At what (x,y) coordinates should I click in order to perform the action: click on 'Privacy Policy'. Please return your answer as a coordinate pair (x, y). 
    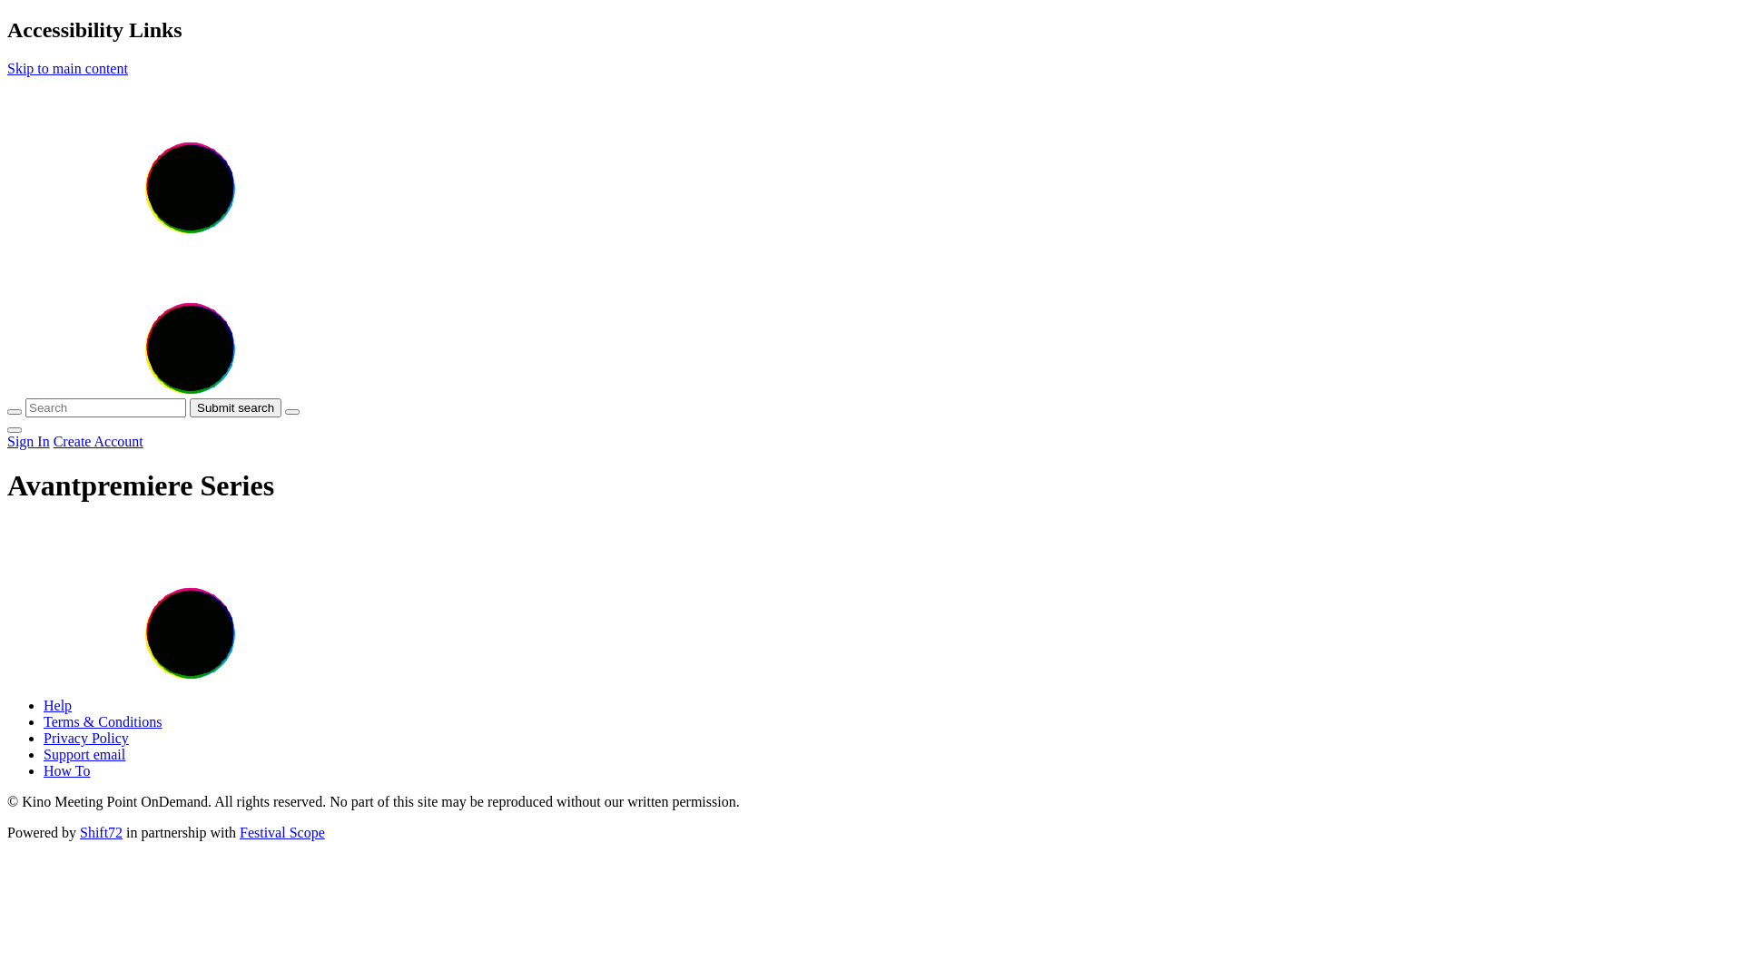
    Looking at the image, I should click on (85, 738).